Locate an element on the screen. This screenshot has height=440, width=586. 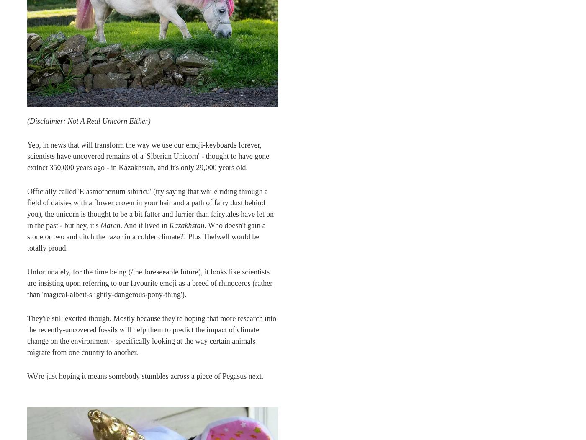
'(Disclaimer: Not A Real Unicorn Either)' is located at coordinates (88, 120).